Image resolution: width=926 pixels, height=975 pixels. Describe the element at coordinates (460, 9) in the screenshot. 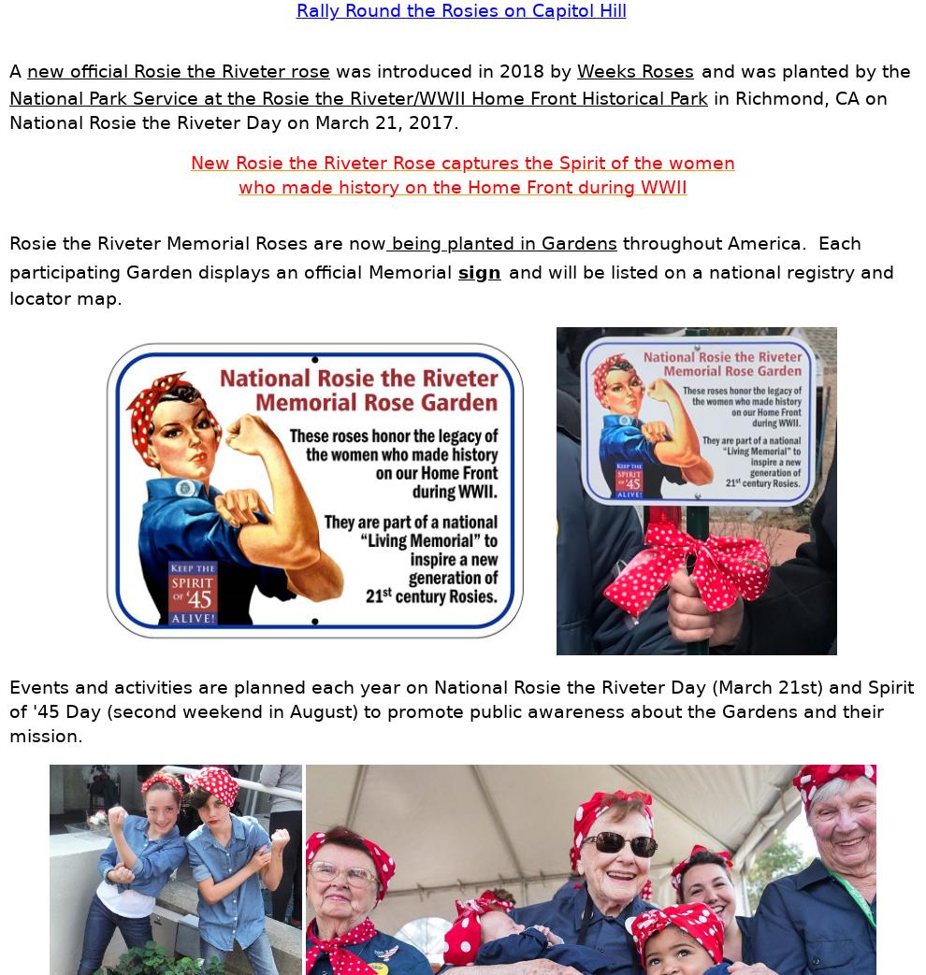

I see `'Rally Round the Rosies on Capitol Hill'` at that location.